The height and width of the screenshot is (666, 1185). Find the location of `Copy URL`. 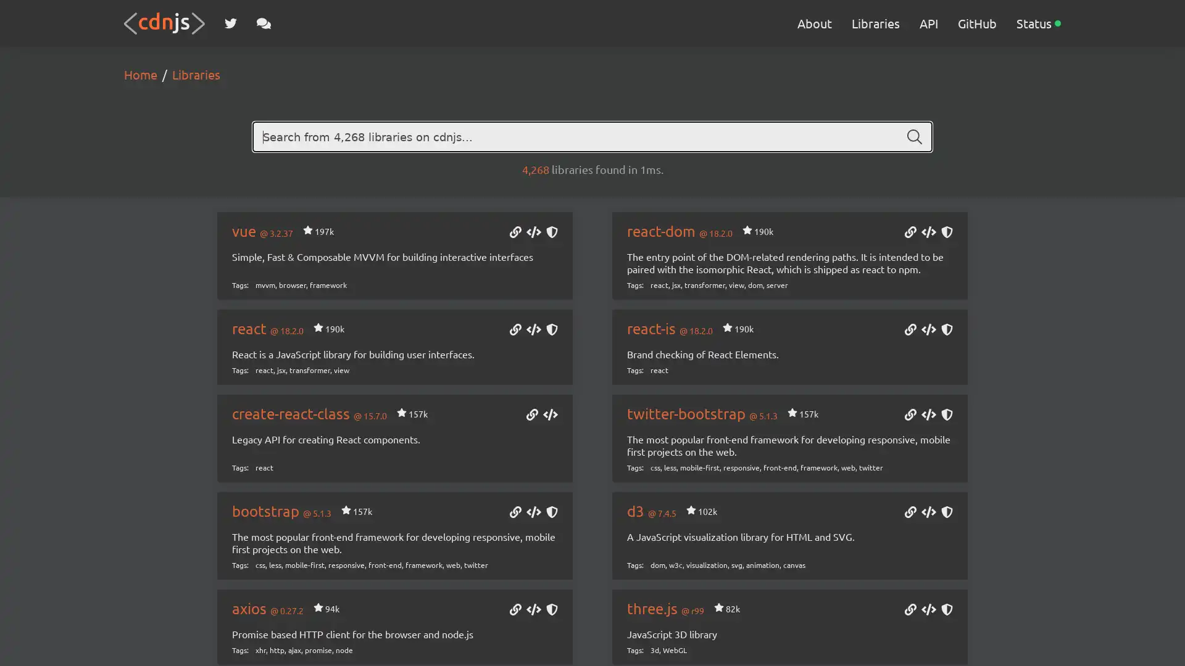

Copy URL is located at coordinates (515, 513).